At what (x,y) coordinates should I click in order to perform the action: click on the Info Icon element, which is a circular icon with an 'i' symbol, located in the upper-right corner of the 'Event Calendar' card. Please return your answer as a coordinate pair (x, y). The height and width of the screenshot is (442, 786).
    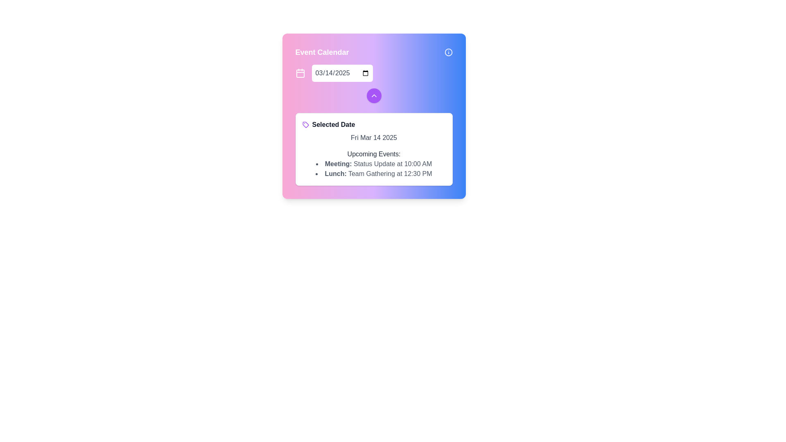
    Looking at the image, I should click on (448, 52).